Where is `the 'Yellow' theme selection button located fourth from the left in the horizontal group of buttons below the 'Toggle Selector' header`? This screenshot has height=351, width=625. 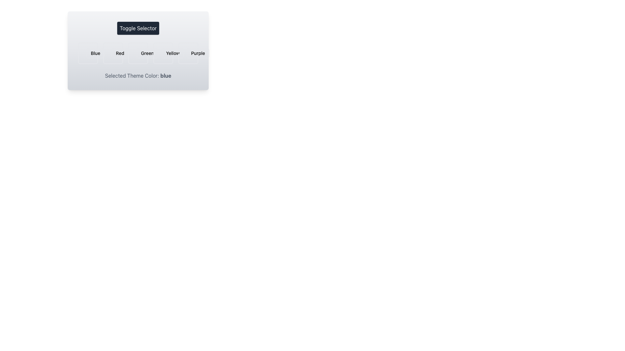
the 'Yellow' theme selection button located fourth from the left in the horizontal group of buttons below the 'Toggle Selector' header is located at coordinates (173, 53).